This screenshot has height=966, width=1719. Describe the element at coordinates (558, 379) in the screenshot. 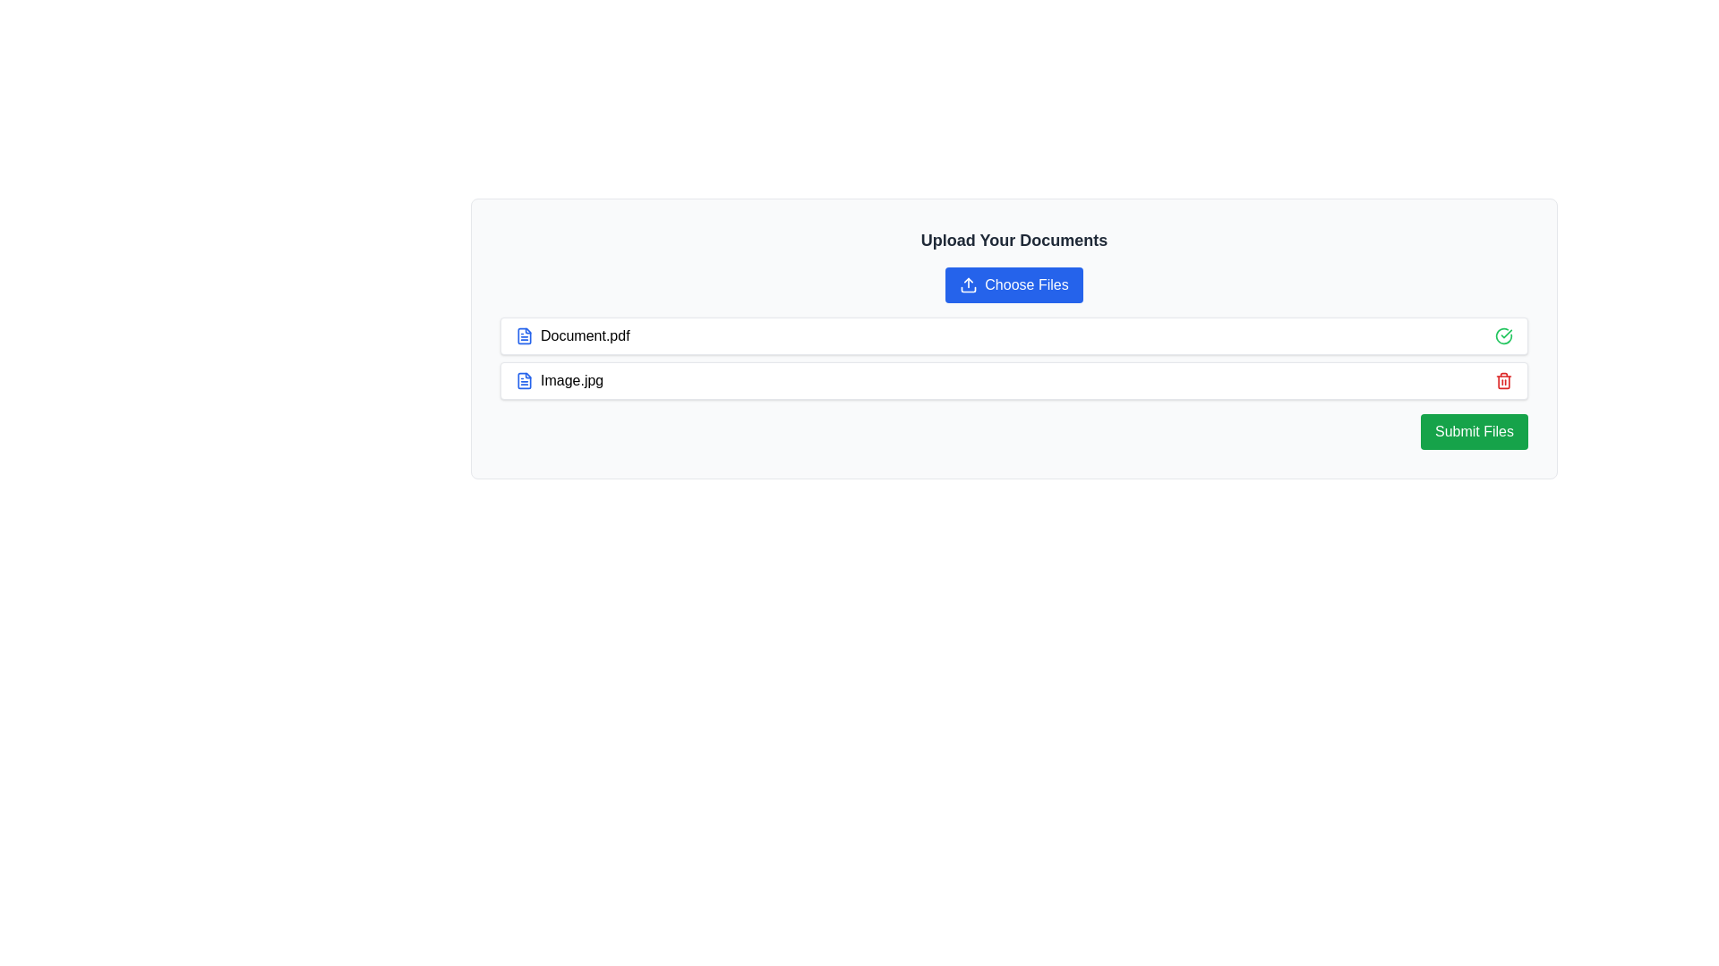

I see `the text label displaying 'Image.jpg' located next to the blue file icon in the top region of the document upload section` at that location.